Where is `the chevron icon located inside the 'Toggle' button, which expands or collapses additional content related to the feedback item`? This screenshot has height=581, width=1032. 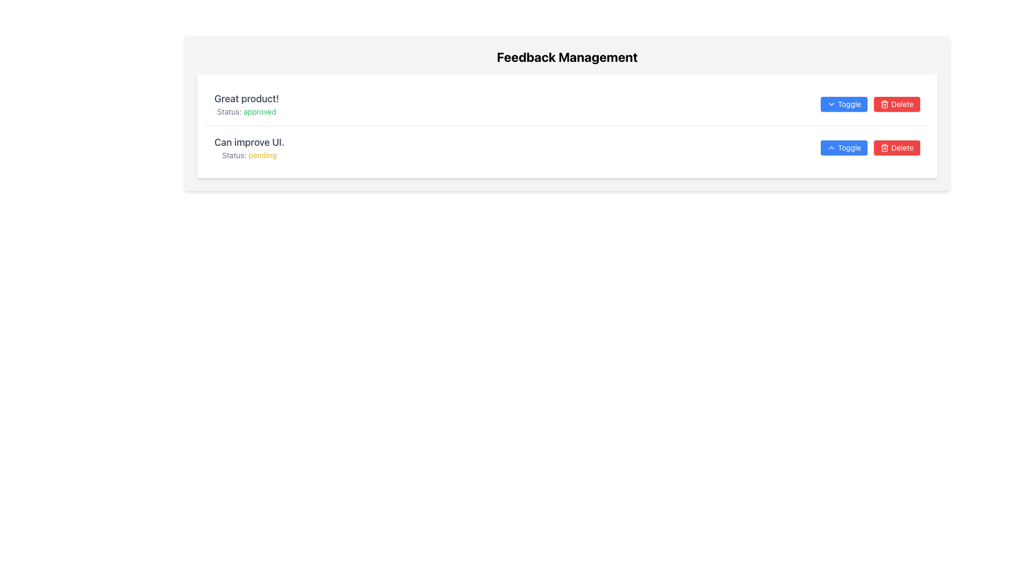
the chevron icon located inside the 'Toggle' button, which expands or collapses additional content related to the feedback item is located at coordinates (830, 104).